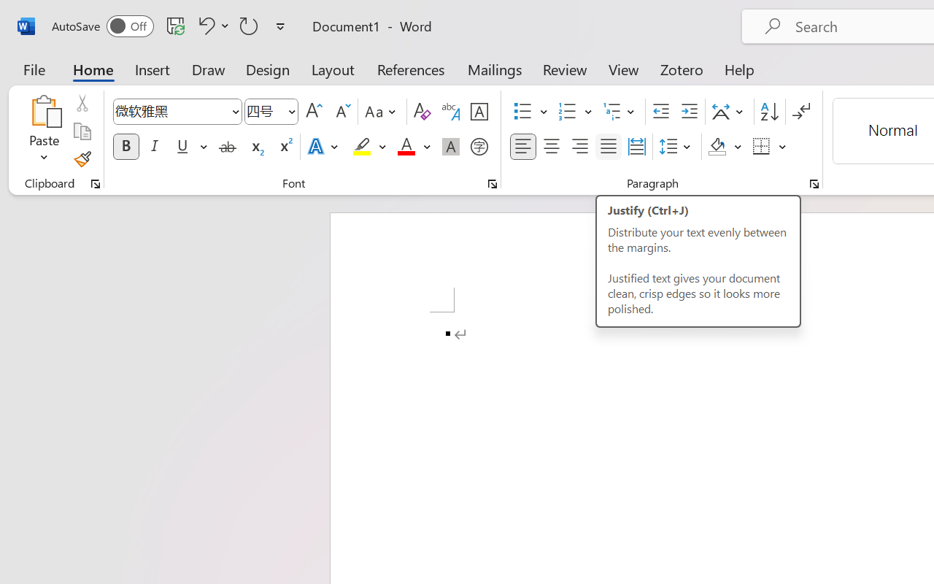 This screenshot has height=584, width=934. I want to click on 'Undo <ApplyStyleToDoc>b__0', so click(211, 25).